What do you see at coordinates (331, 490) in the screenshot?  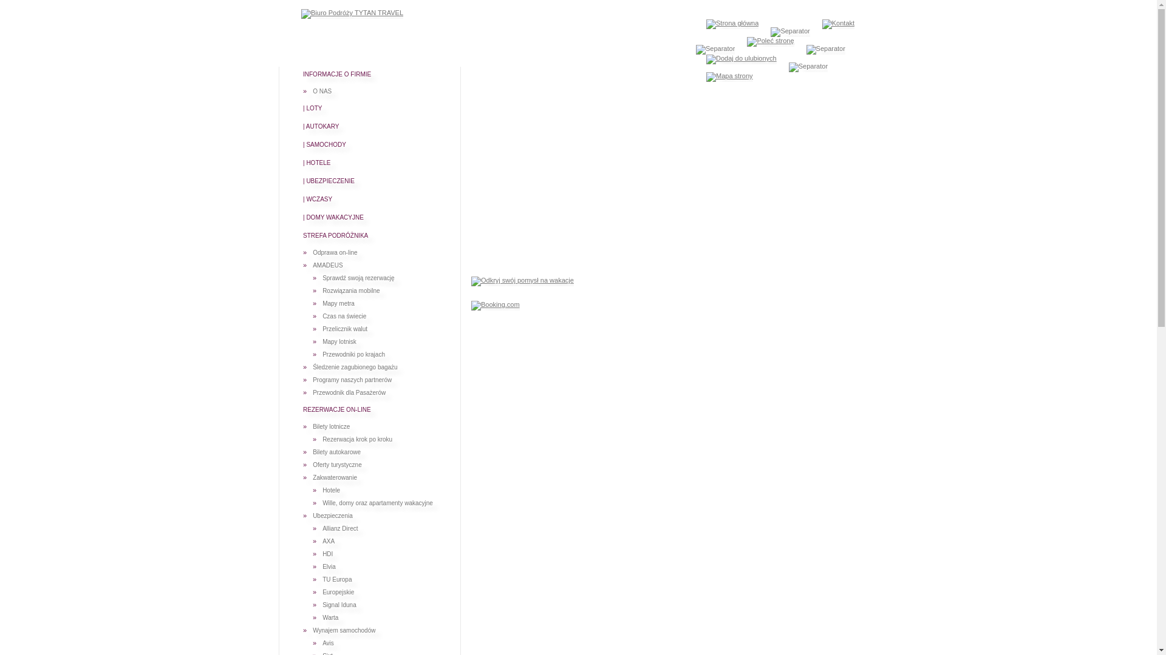 I see `'Hotele'` at bounding box center [331, 490].